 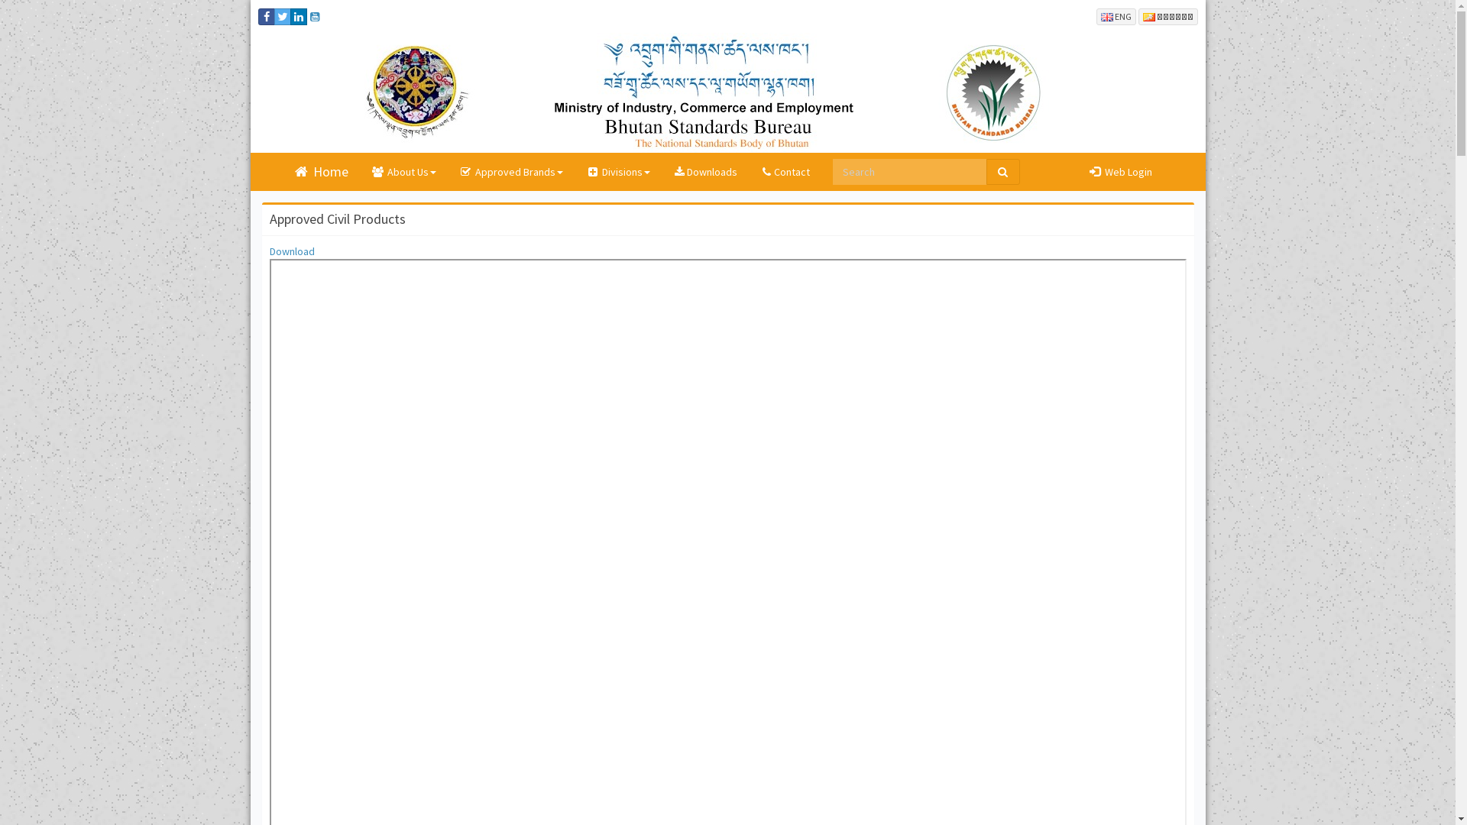 What do you see at coordinates (785, 171) in the screenshot?
I see `'Contact'` at bounding box center [785, 171].